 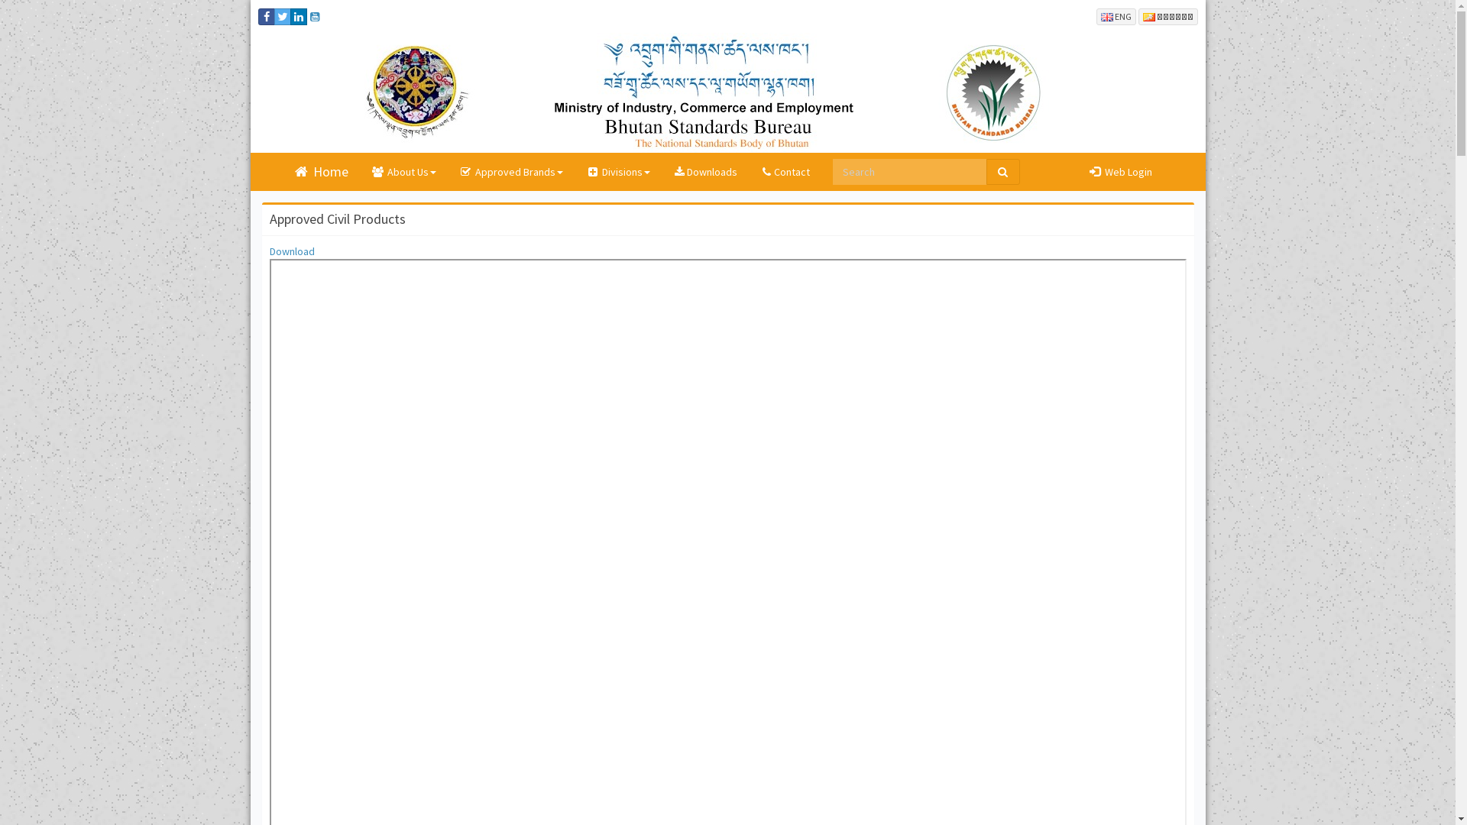 What do you see at coordinates (785, 171) in the screenshot?
I see `'Contact'` at bounding box center [785, 171].